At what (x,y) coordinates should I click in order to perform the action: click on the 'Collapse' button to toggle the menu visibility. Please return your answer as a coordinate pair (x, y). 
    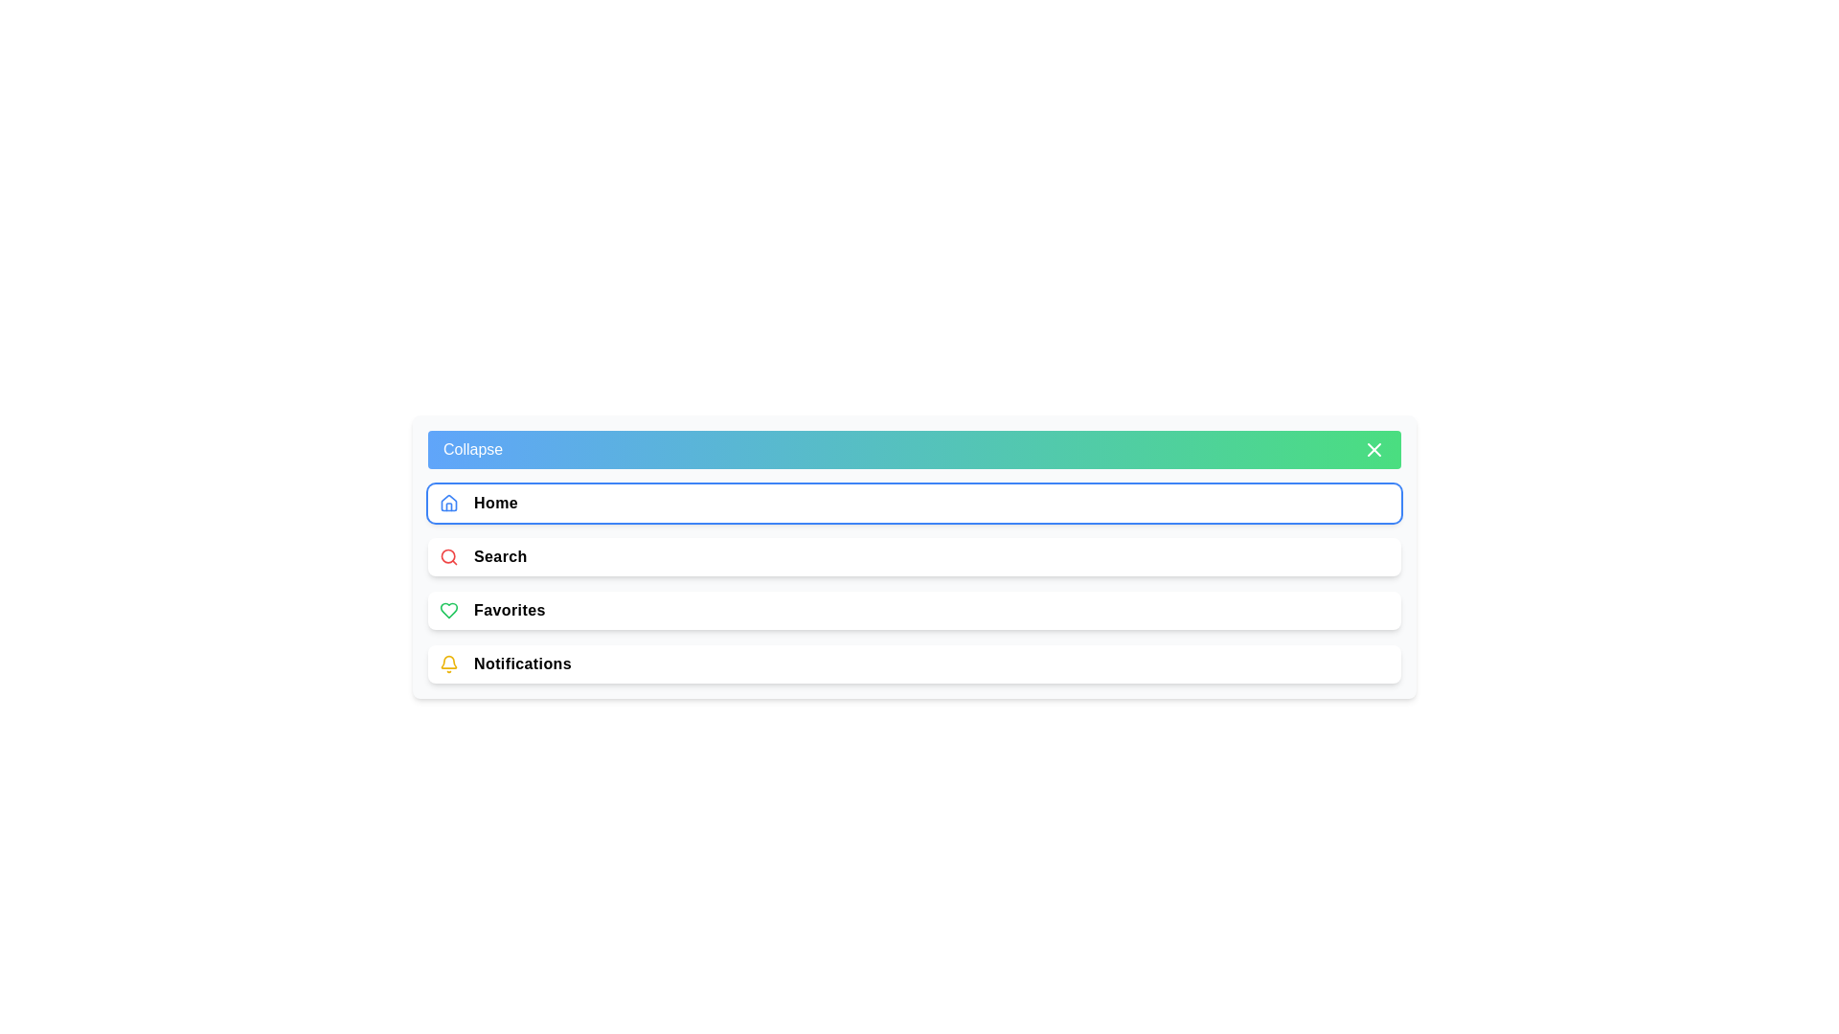
    Looking at the image, I should click on (914, 450).